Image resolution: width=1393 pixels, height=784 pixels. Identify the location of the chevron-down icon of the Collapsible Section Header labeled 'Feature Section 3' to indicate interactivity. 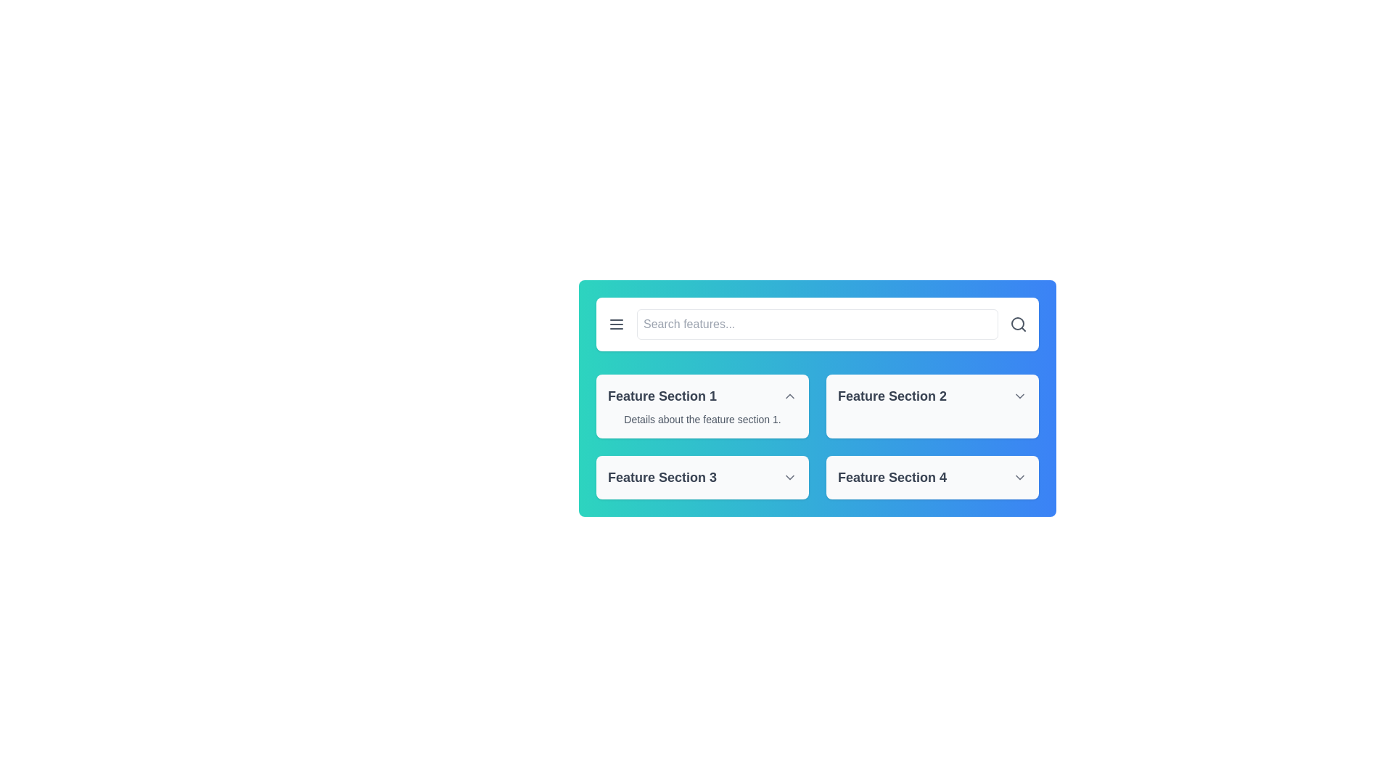
(702, 478).